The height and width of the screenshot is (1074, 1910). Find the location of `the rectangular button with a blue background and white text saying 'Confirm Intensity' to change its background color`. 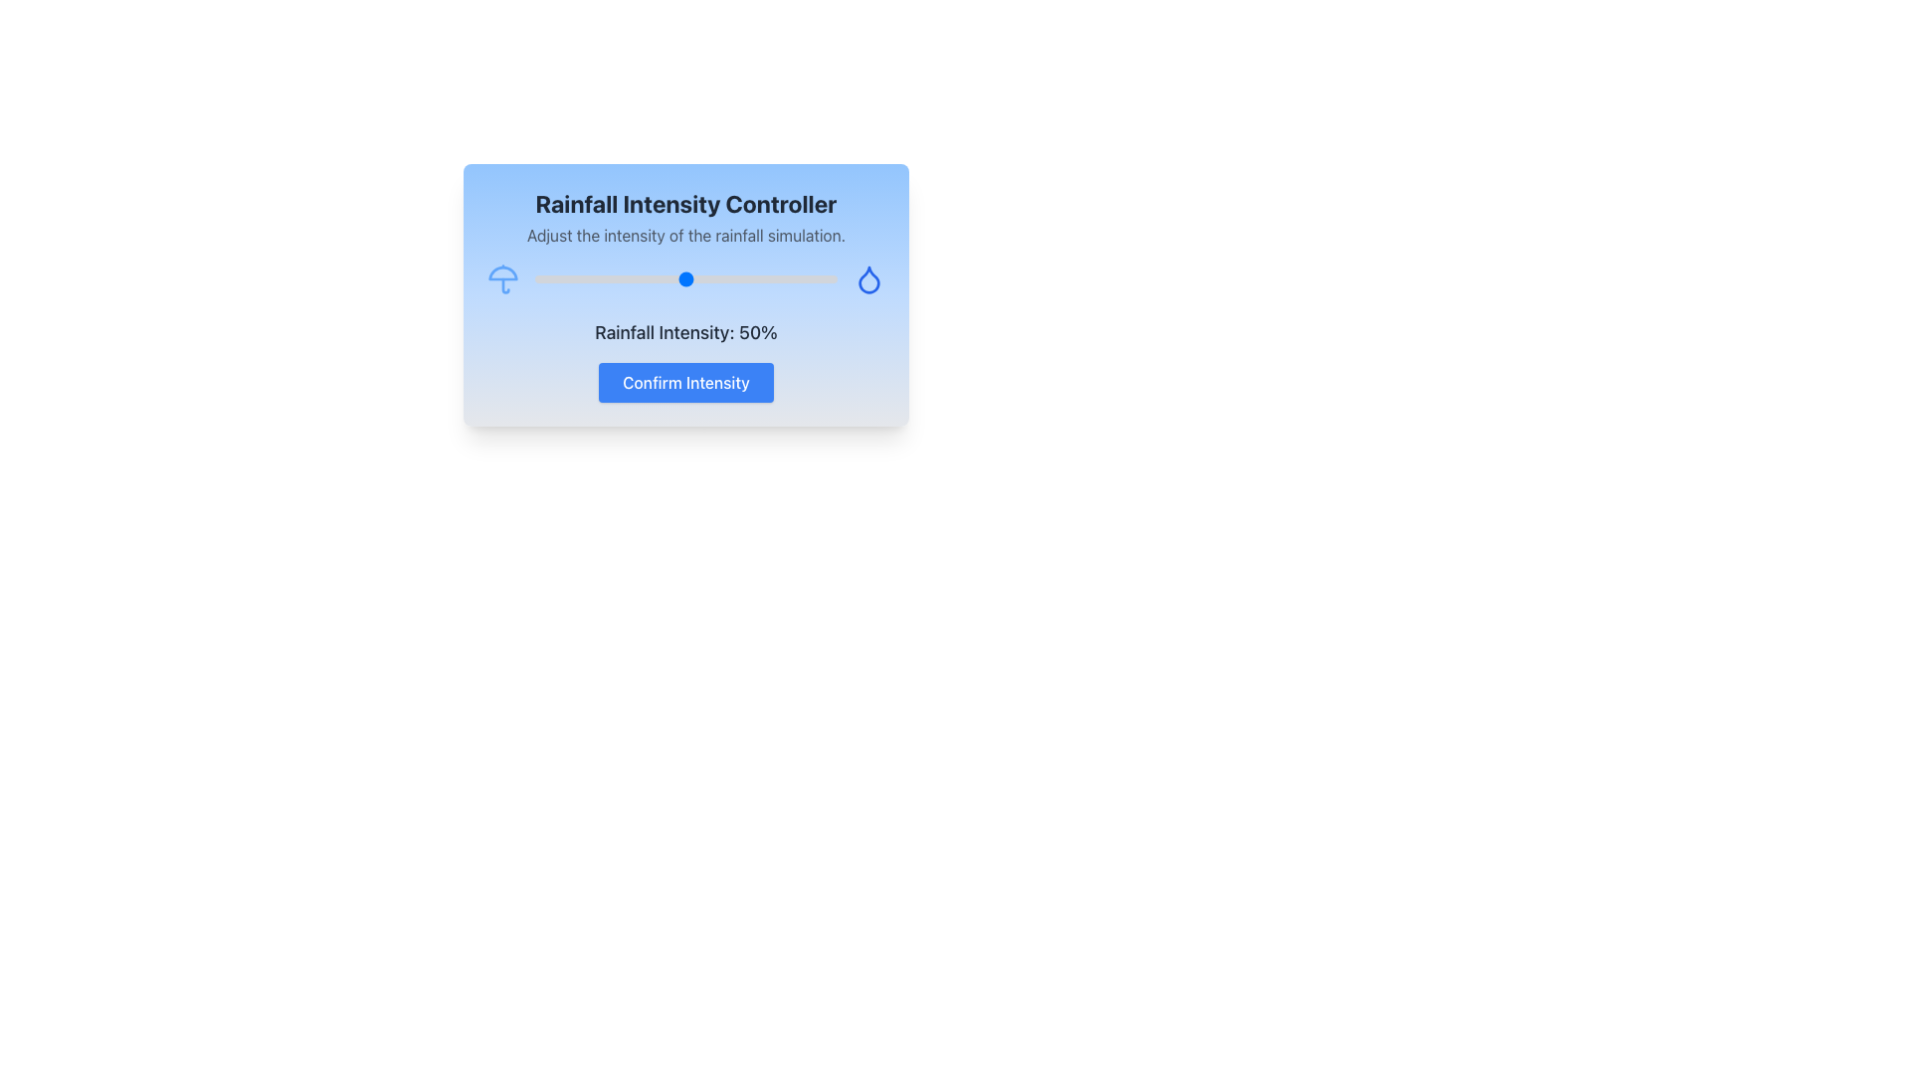

the rectangular button with a blue background and white text saying 'Confirm Intensity' to change its background color is located at coordinates (686, 383).